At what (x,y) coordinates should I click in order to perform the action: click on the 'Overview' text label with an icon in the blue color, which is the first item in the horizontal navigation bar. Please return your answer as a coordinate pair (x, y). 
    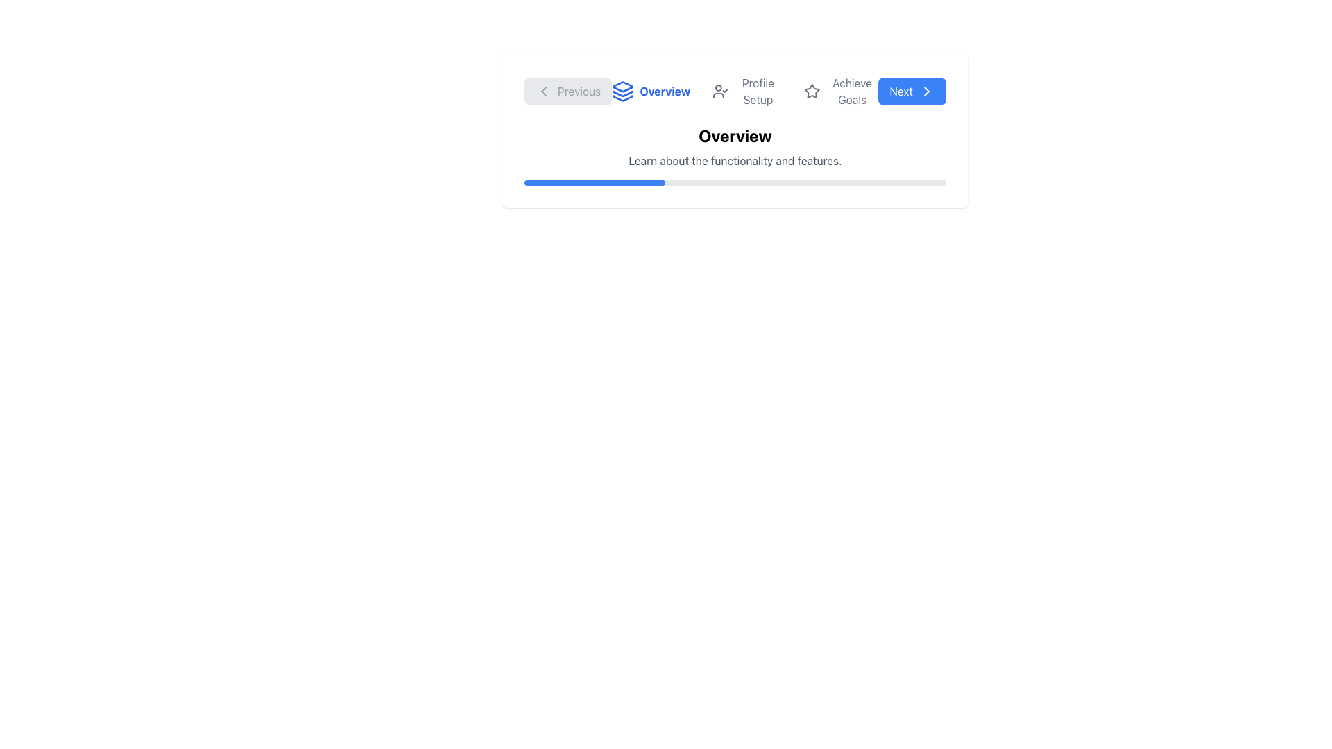
    Looking at the image, I should click on (650, 91).